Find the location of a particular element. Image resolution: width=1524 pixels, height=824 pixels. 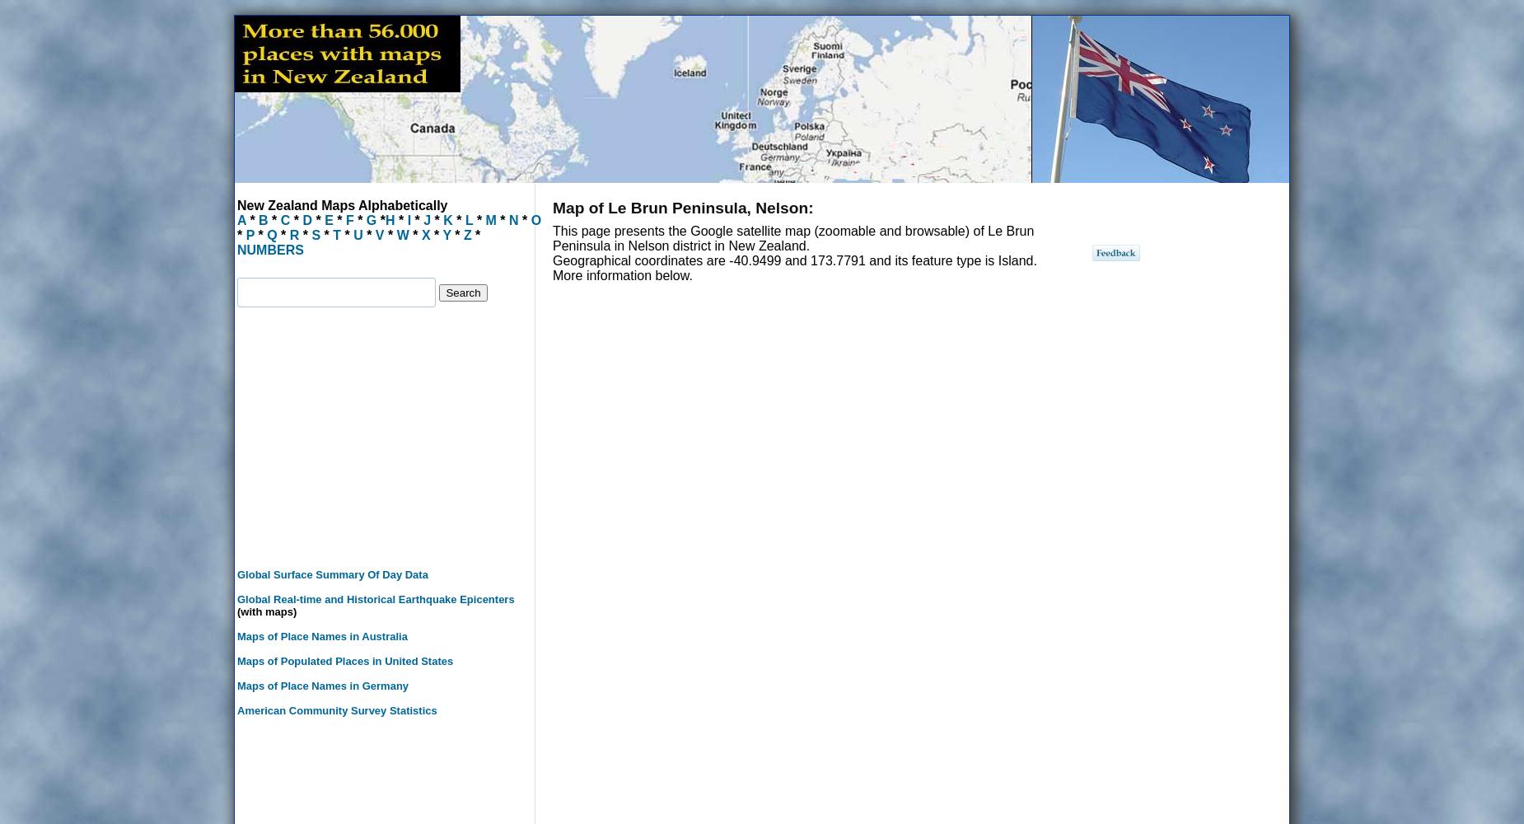

'C' is located at coordinates (283, 220).